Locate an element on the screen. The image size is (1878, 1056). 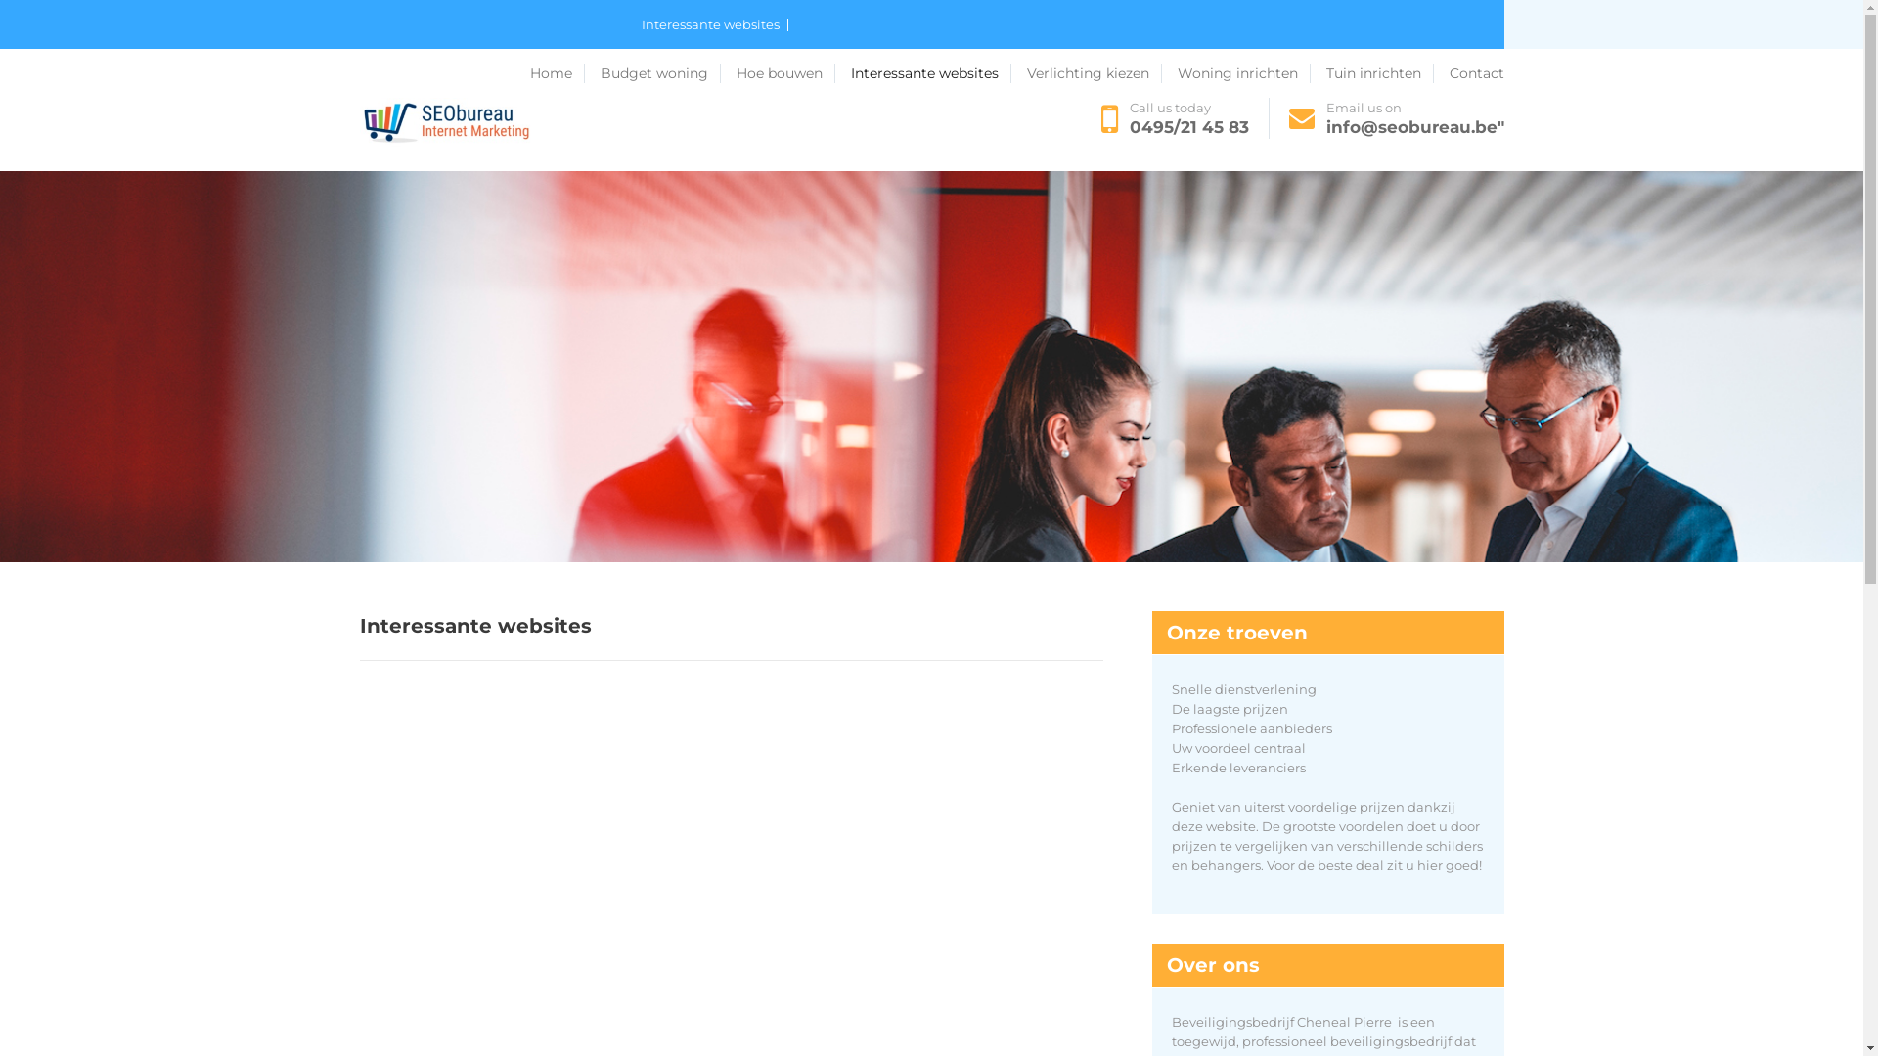
'Budget woning' is located at coordinates (417, 72).